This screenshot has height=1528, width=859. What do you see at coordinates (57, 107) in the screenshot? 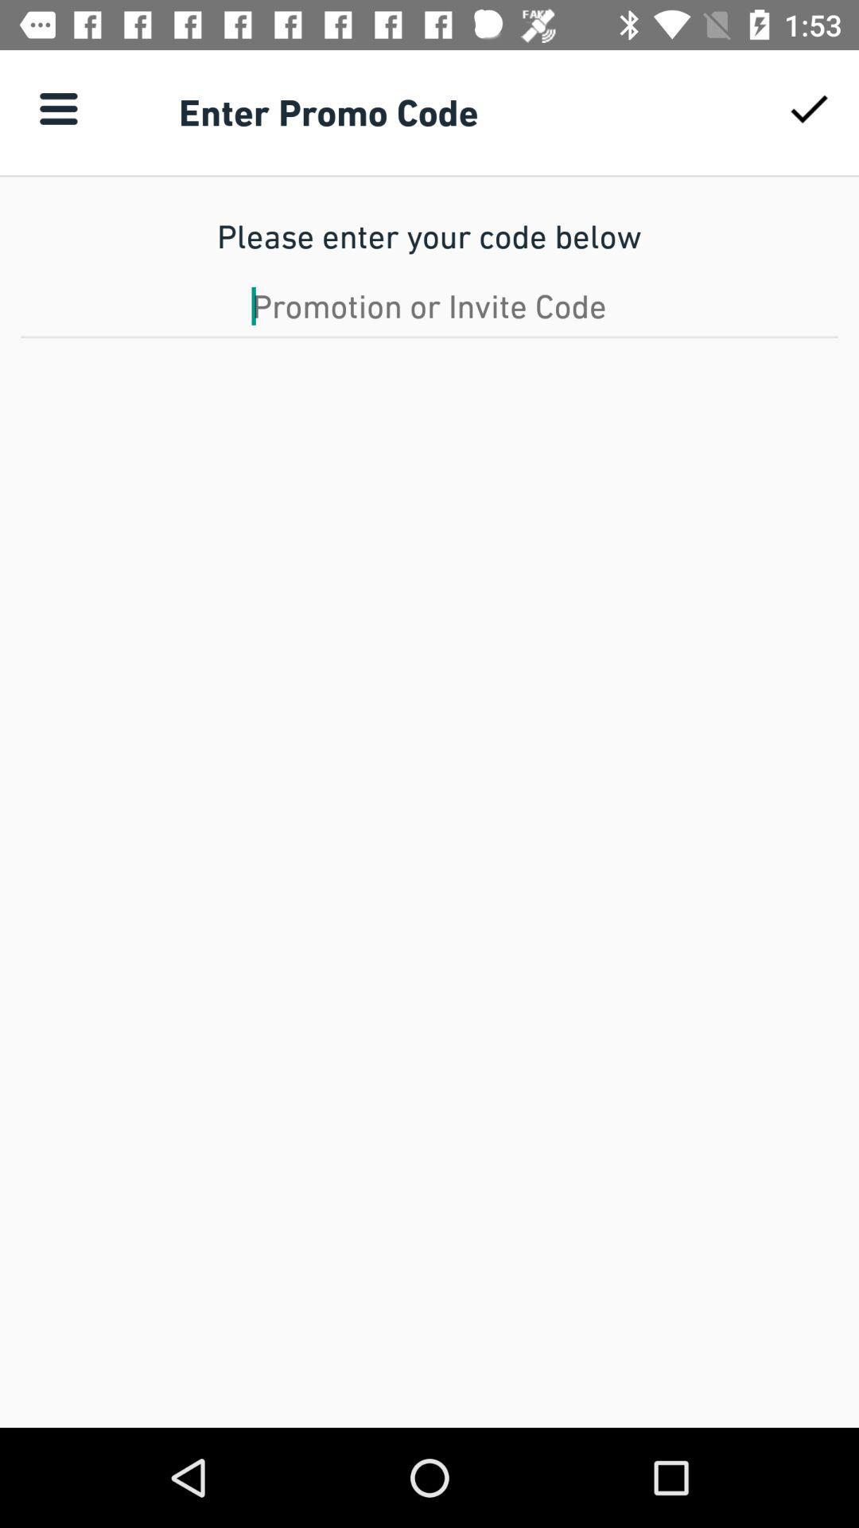
I see `item to the left of enter promo code item` at bounding box center [57, 107].